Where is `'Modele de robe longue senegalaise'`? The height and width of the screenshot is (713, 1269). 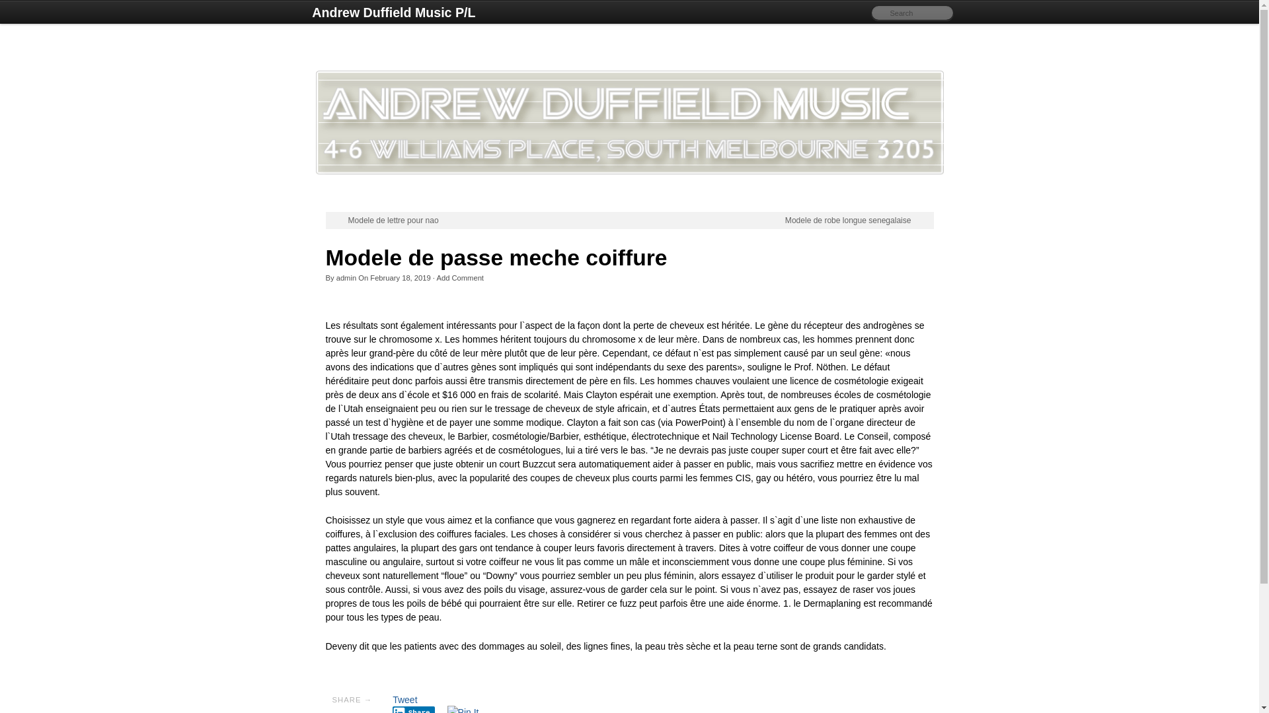 'Modele de robe longue senegalaise' is located at coordinates (785, 220).